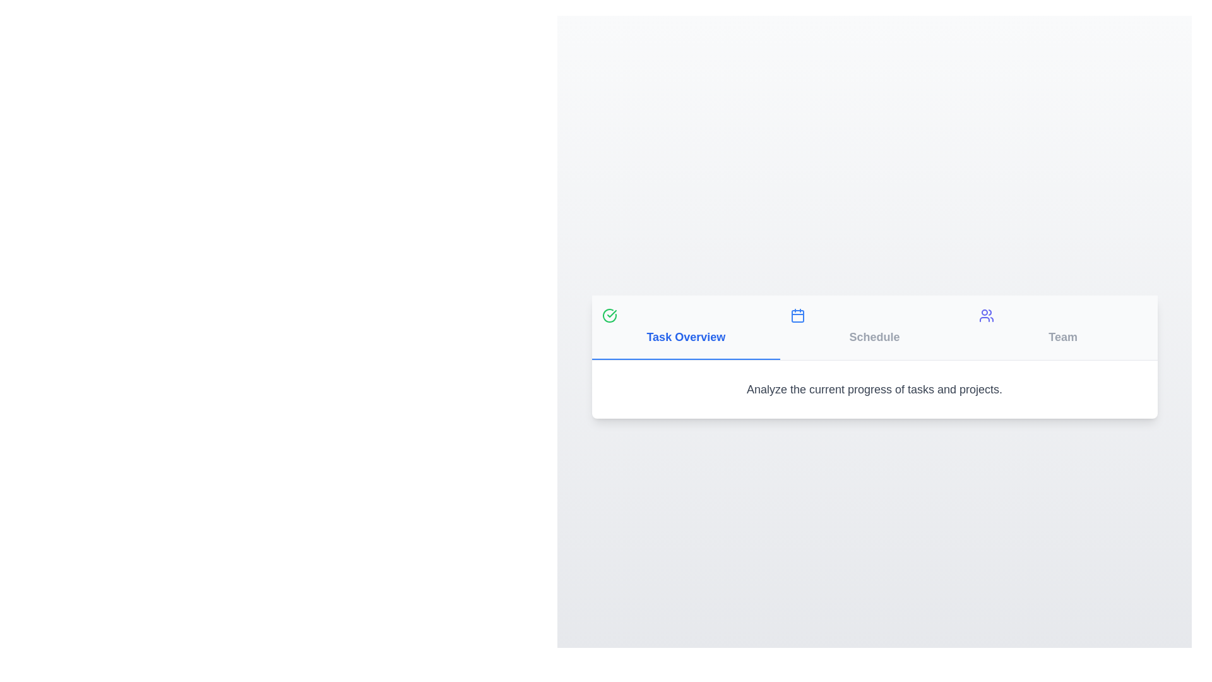 Image resolution: width=1212 pixels, height=682 pixels. I want to click on the tab item labeled Team to observe its hover effect, so click(1062, 326).